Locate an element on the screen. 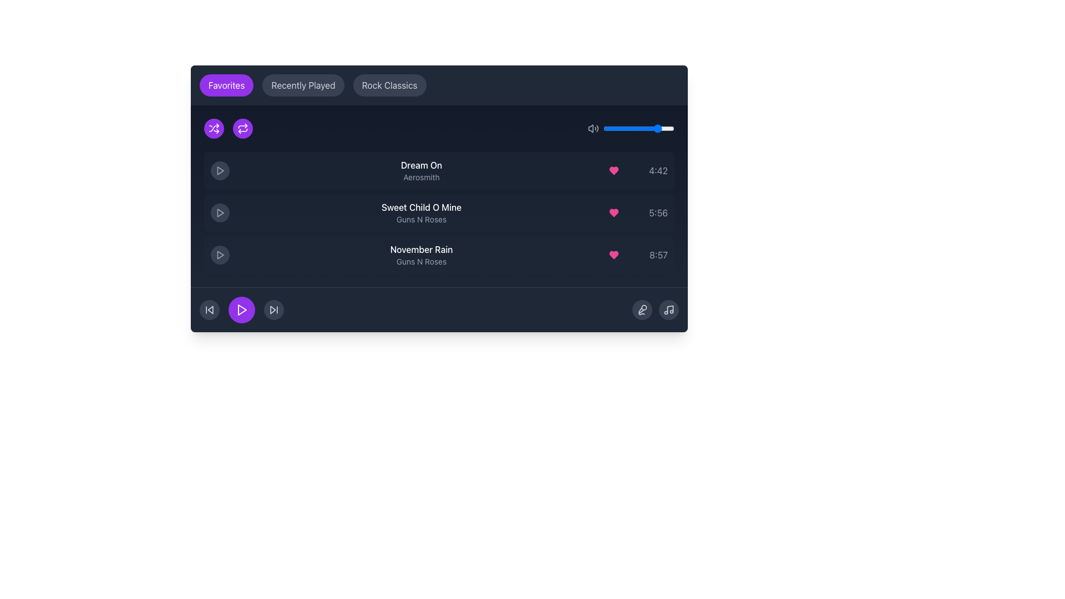  the pink heart icon representing favorite status, located in the Favorites section of the music interface is located at coordinates (613, 255).